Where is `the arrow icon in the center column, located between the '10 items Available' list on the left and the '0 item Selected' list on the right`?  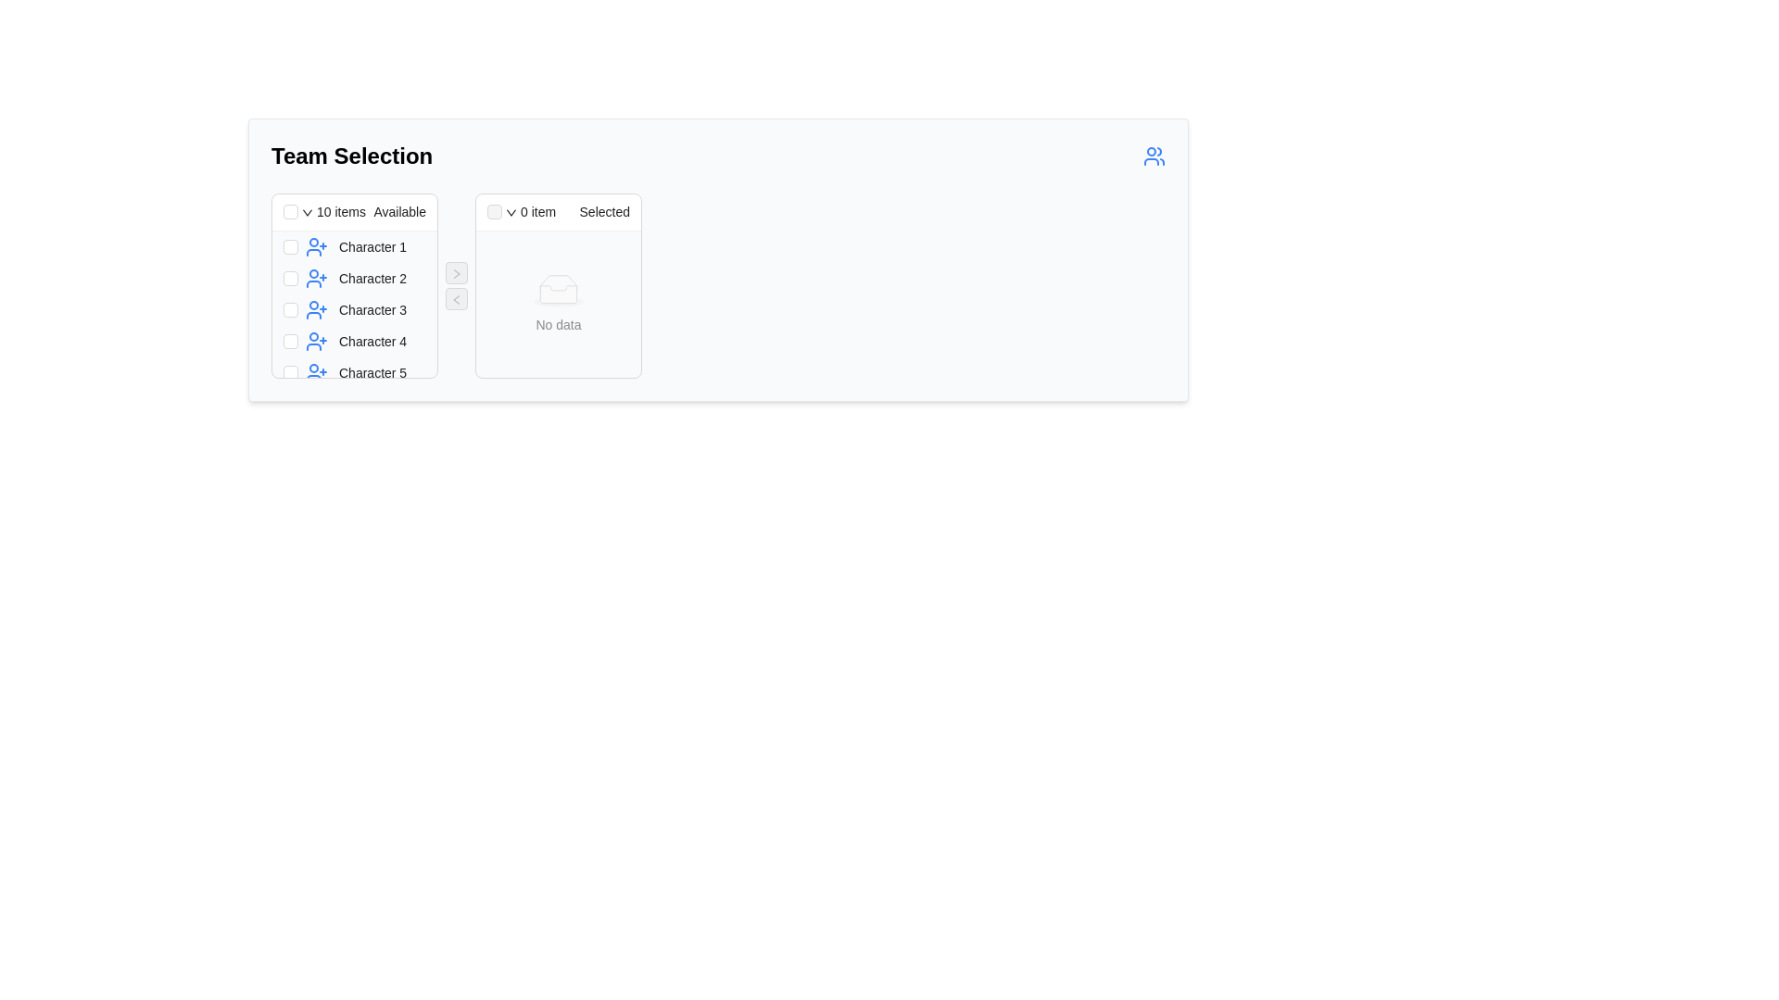 the arrow icon in the center column, located between the '10 items Available' list on the left and the '0 item Selected' list on the right is located at coordinates (457, 273).